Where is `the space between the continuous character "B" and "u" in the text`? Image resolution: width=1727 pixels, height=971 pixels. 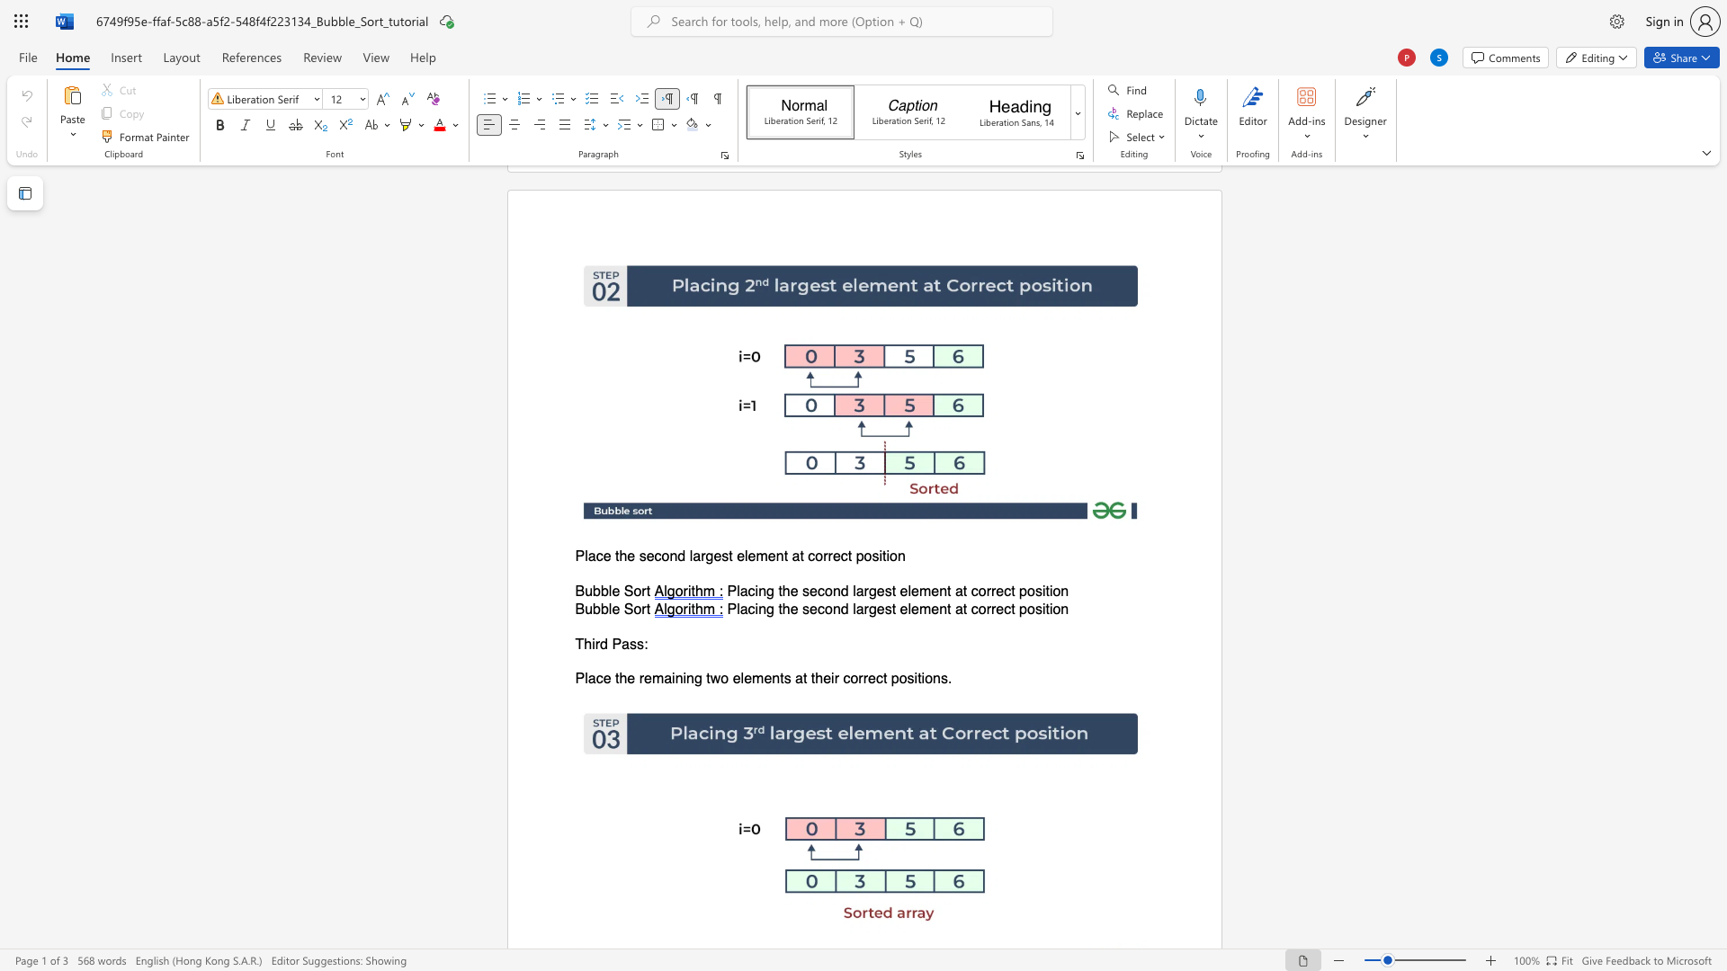
the space between the continuous character "B" and "u" in the text is located at coordinates (584, 592).